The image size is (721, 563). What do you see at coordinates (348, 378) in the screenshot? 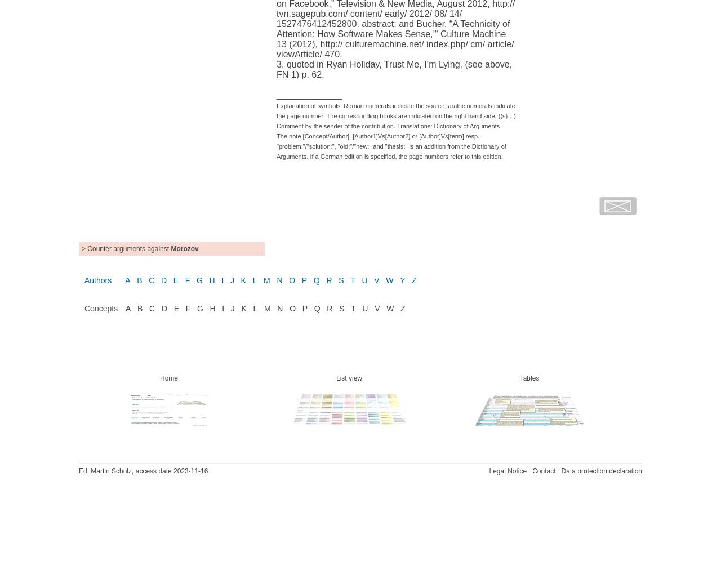
I see `'List view'` at bounding box center [348, 378].